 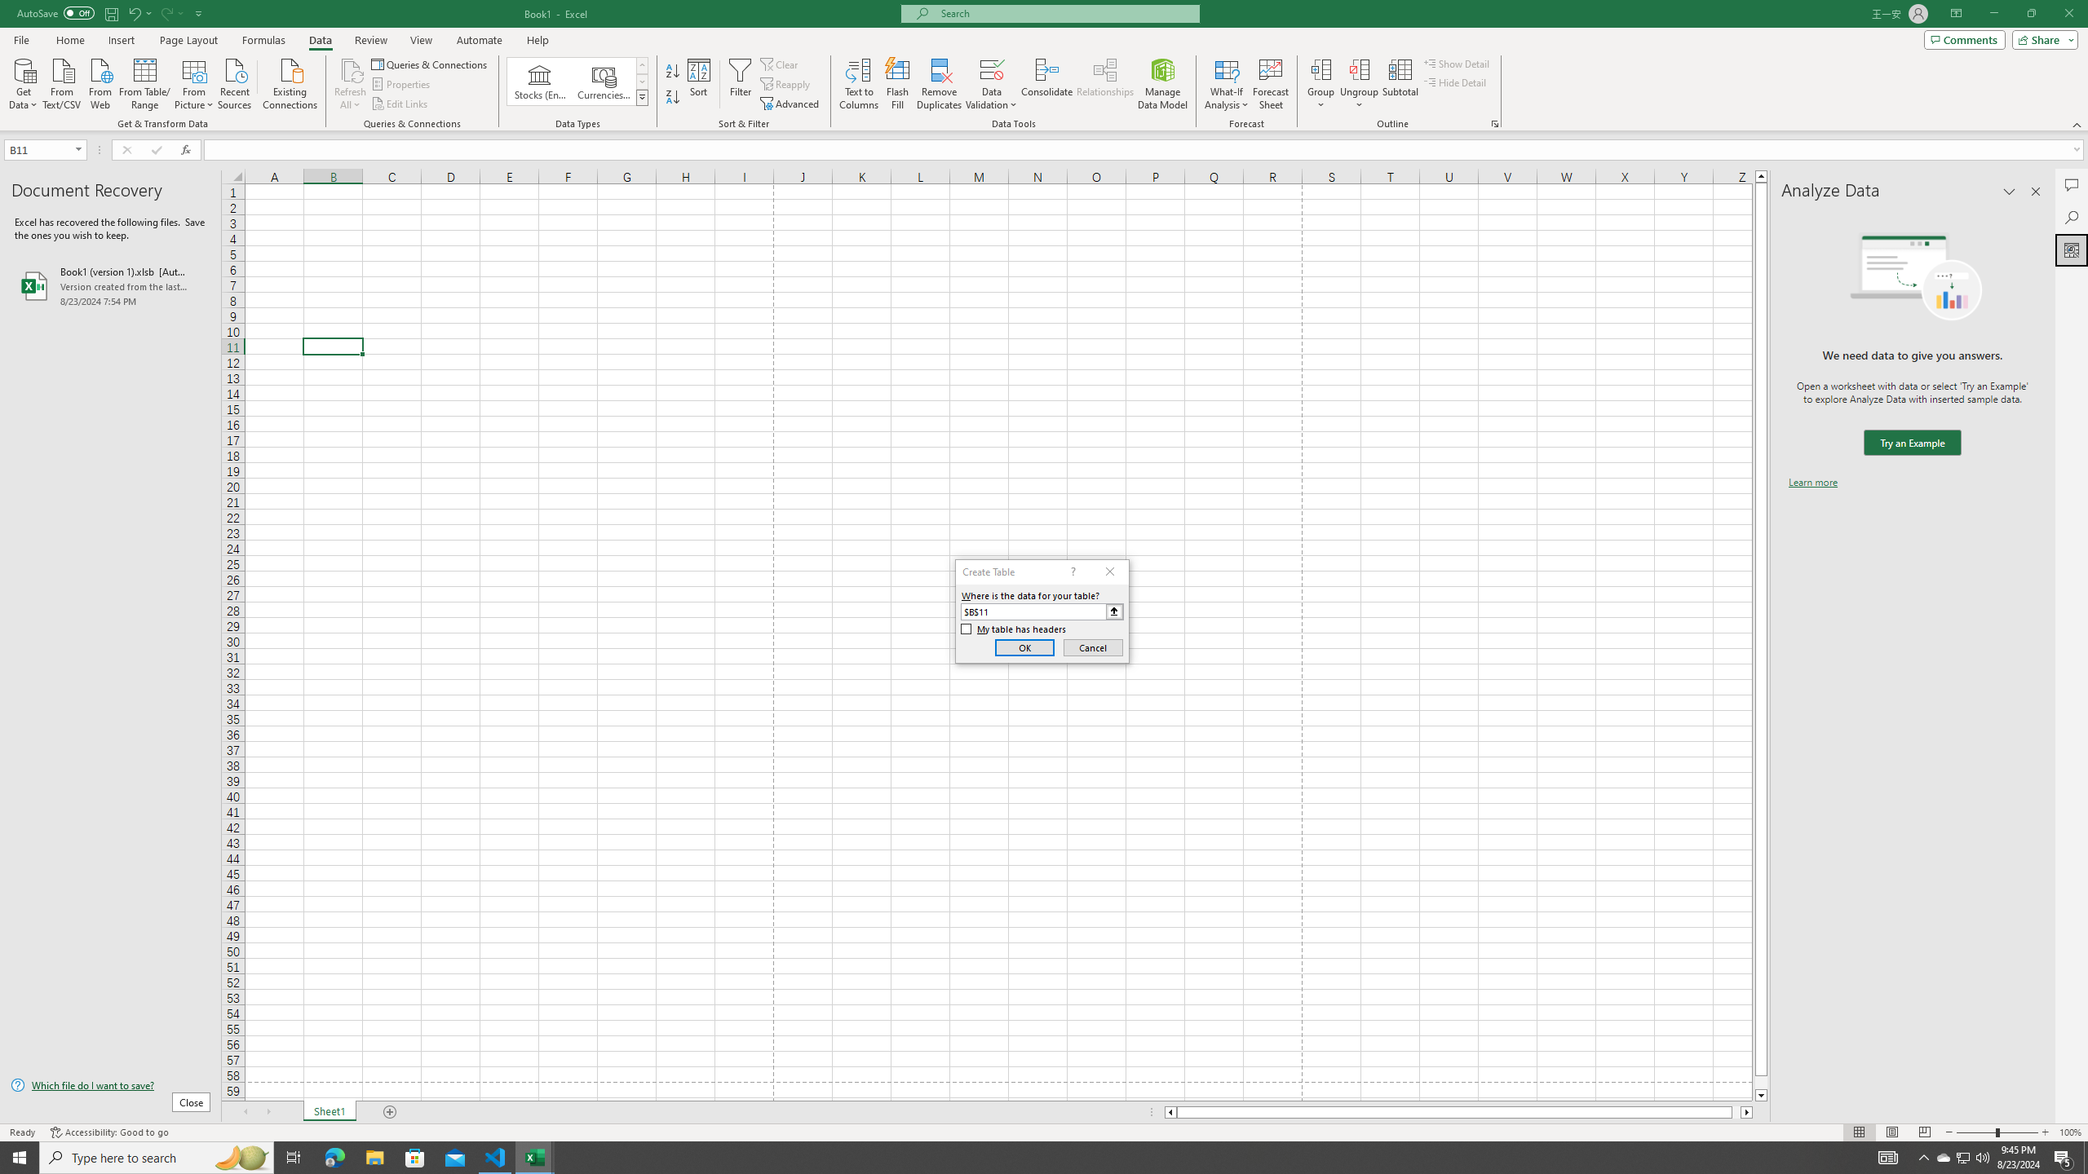 I want to click on 'Recent Sources', so click(x=235, y=82).